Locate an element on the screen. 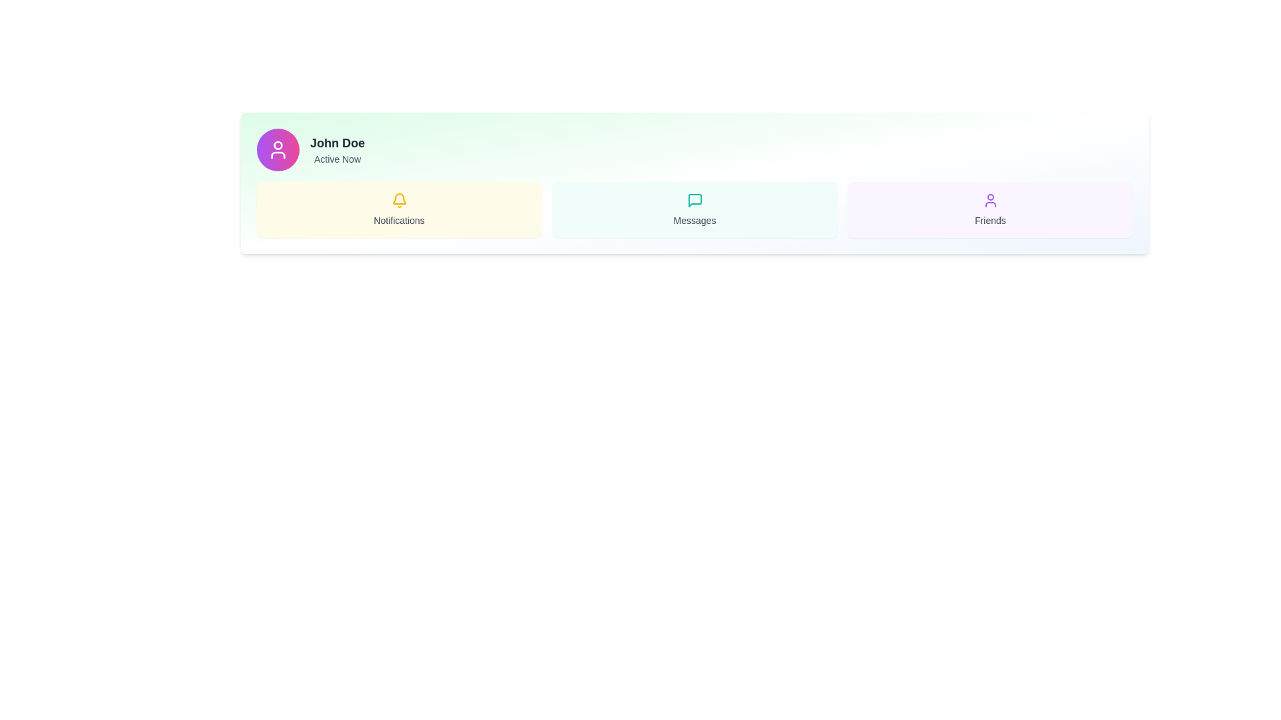 The height and width of the screenshot is (720, 1281). the informational card related to notifications, which is the first item in its row within a grid layout of similar cards labeled 'Messages' and 'Friends' is located at coordinates (398, 210).